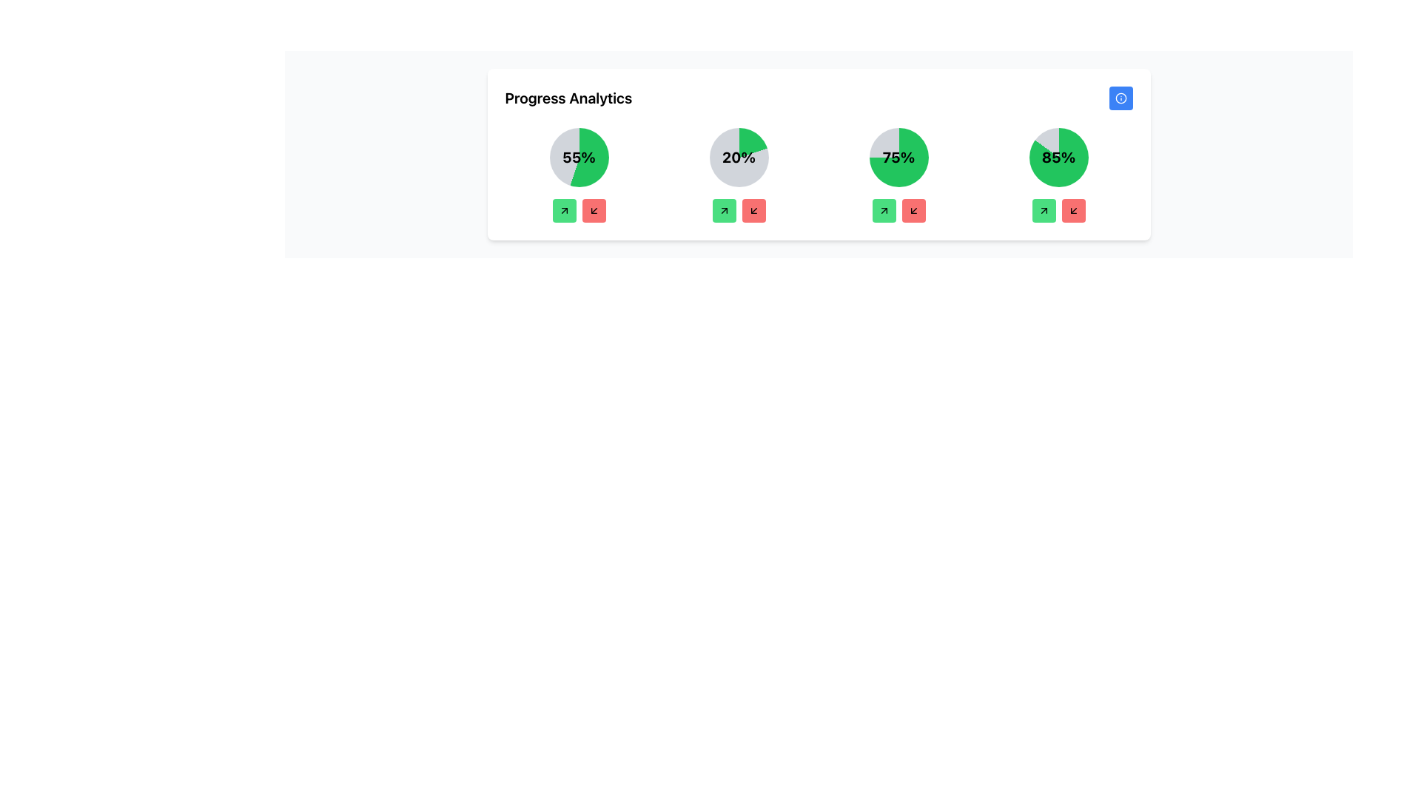 The image size is (1421, 799). I want to click on percentage value displayed in the circular progress indicator, which shows '55%' in bold at the center of the circle, so click(578, 157).